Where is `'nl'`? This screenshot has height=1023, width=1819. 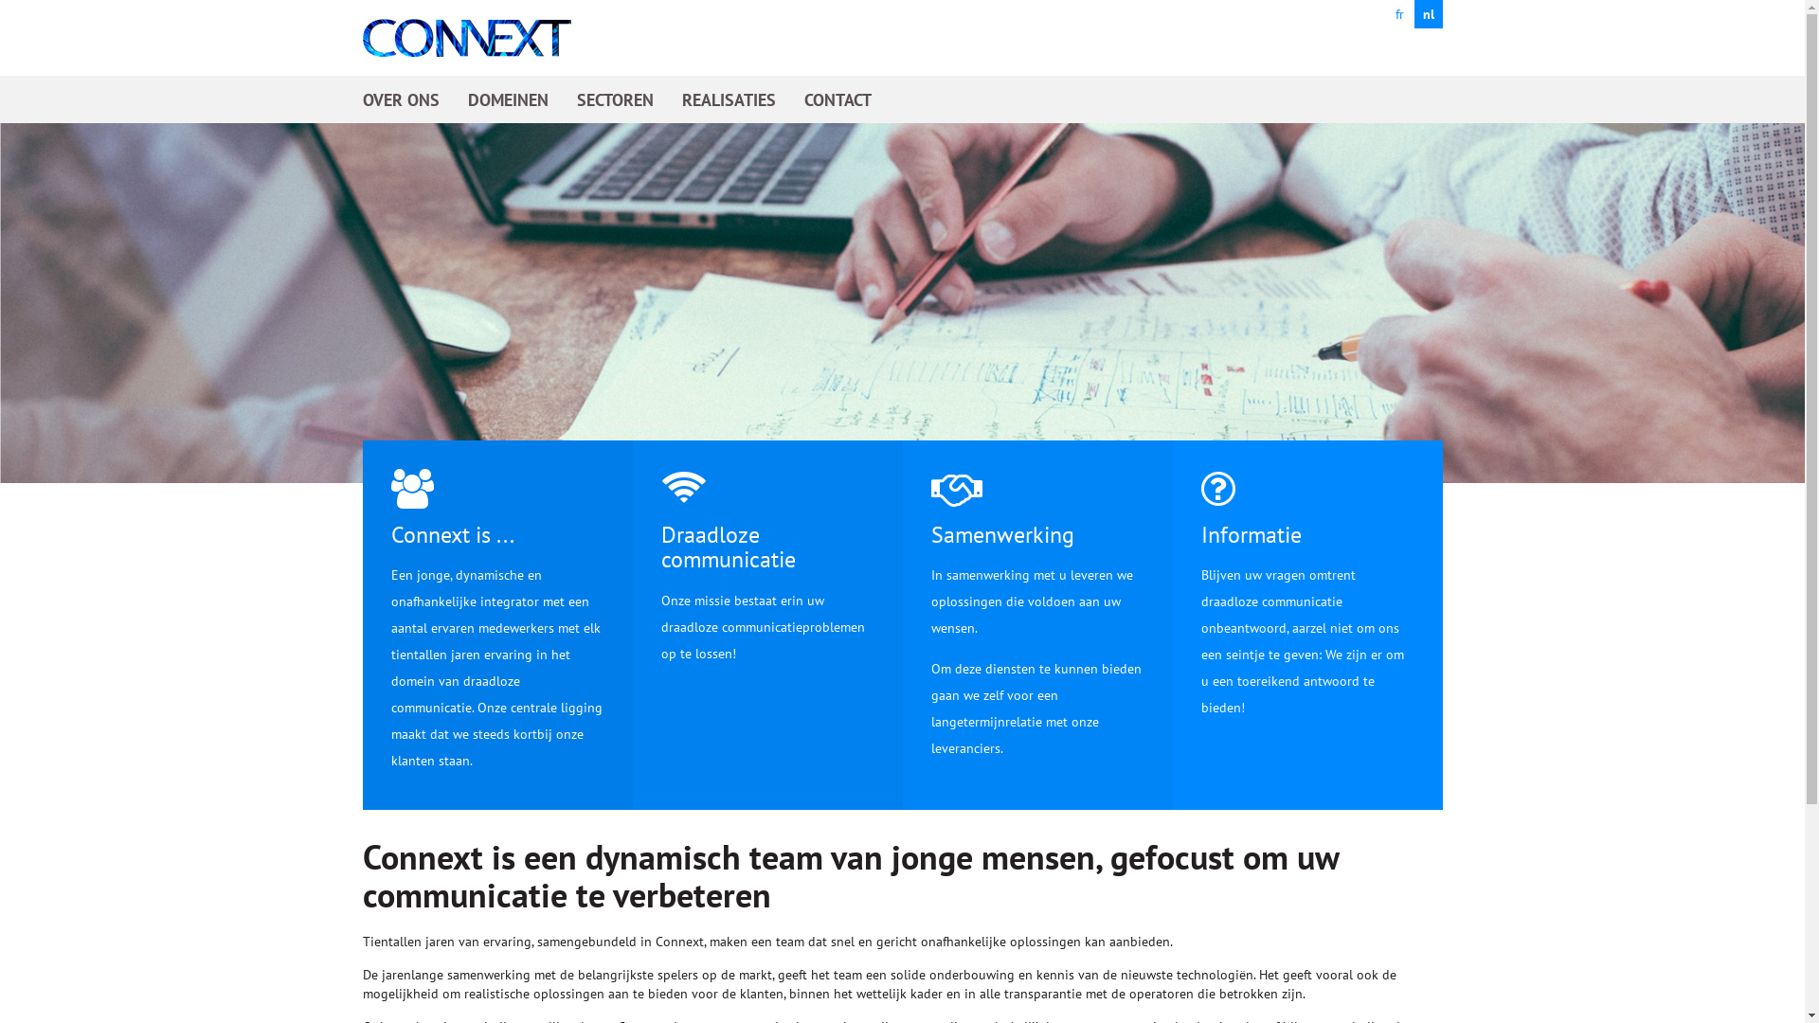
'nl' is located at coordinates (1428, 14).